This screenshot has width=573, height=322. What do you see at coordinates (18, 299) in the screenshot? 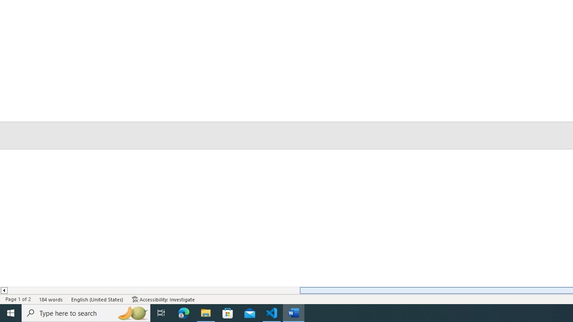
I see `'Page Number Page 1 of 2'` at bounding box center [18, 299].